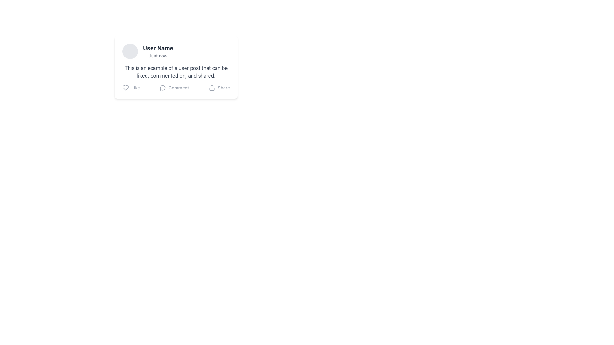 The image size is (614, 345). Describe the element at coordinates (126, 88) in the screenshot. I see `the heart icon located at the bottom left of the user post card to like the post` at that location.